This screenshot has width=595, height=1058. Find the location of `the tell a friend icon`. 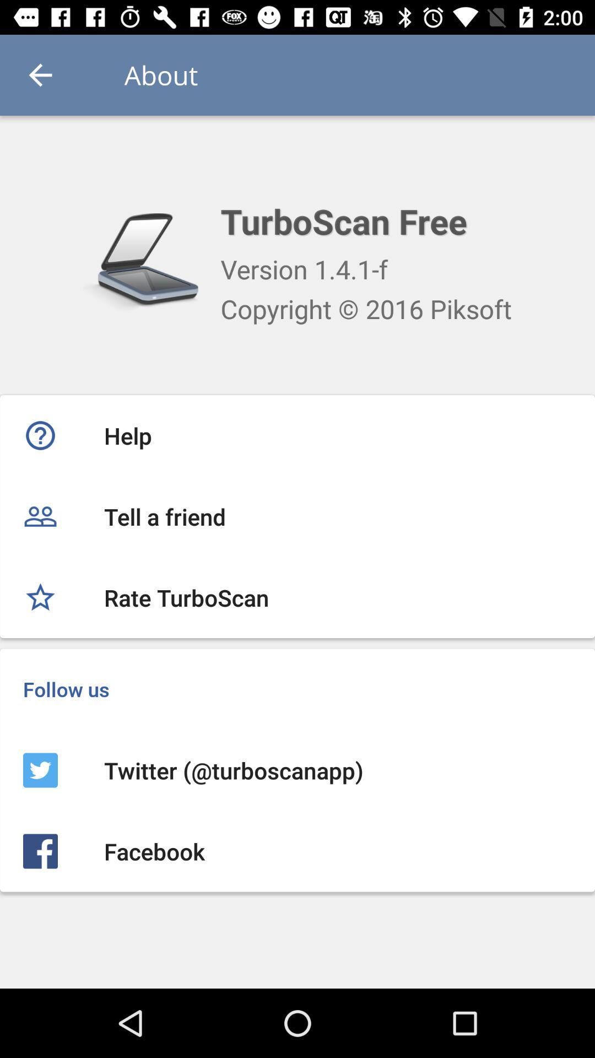

the tell a friend icon is located at coordinates (297, 516).